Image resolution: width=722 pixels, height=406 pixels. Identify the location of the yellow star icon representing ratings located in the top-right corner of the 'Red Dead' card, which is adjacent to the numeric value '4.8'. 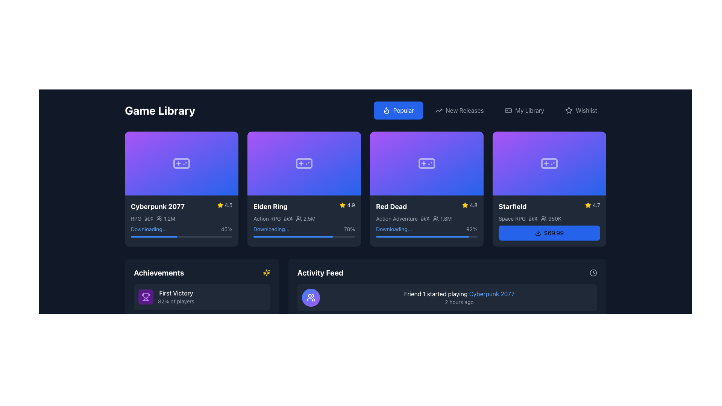
(465, 205).